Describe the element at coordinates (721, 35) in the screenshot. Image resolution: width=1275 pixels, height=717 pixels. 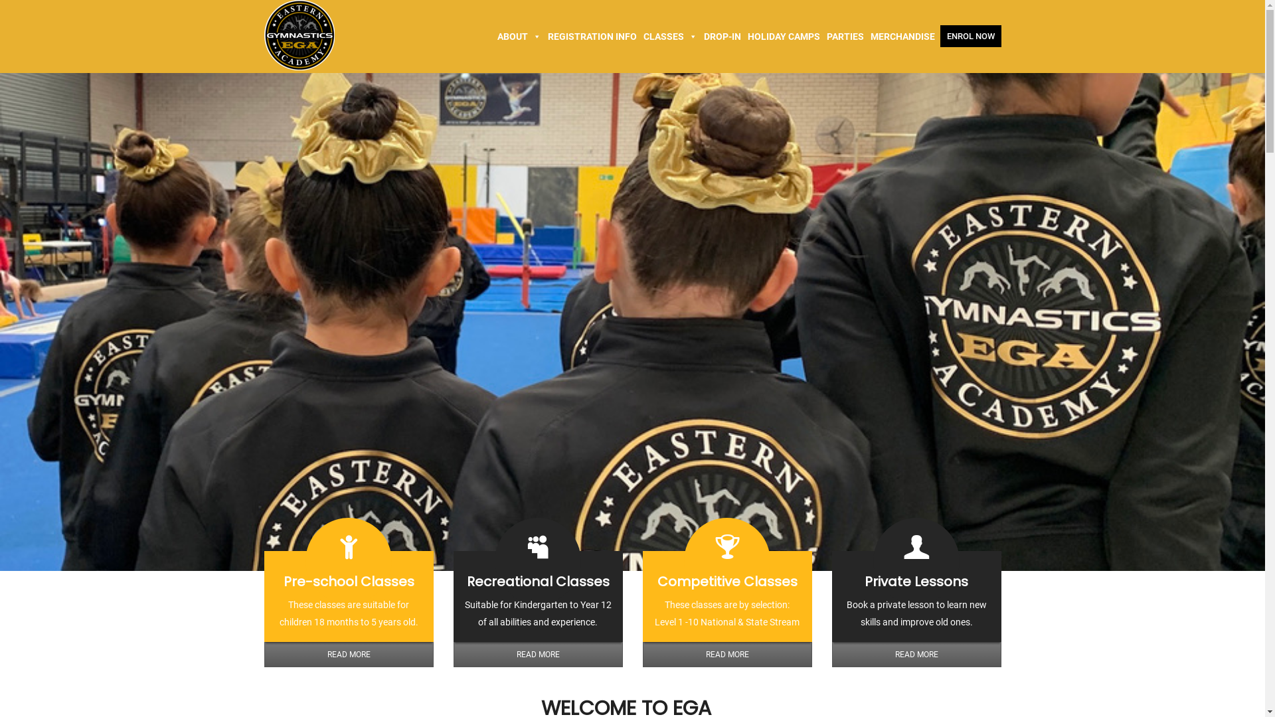
I see `'DROP-IN'` at that location.